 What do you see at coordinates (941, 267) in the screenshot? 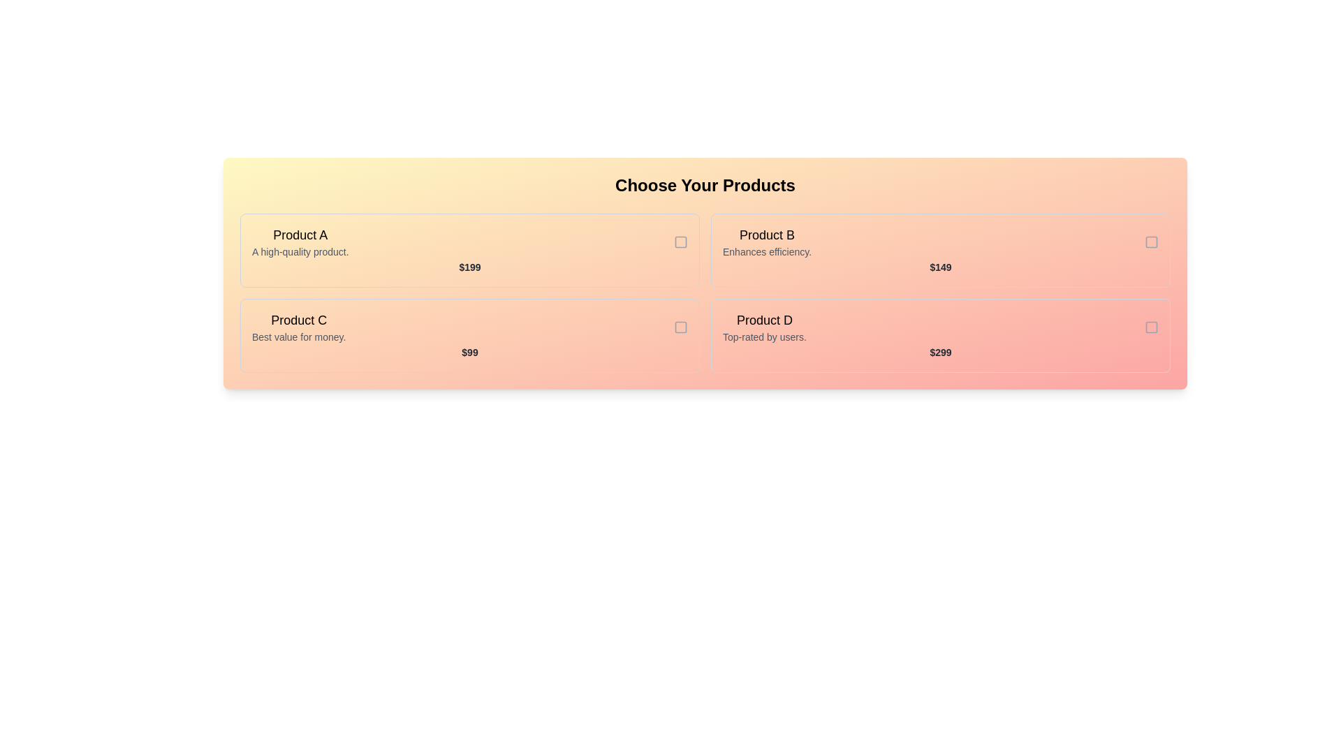
I see `the price of Product B` at bounding box center [941, 267].